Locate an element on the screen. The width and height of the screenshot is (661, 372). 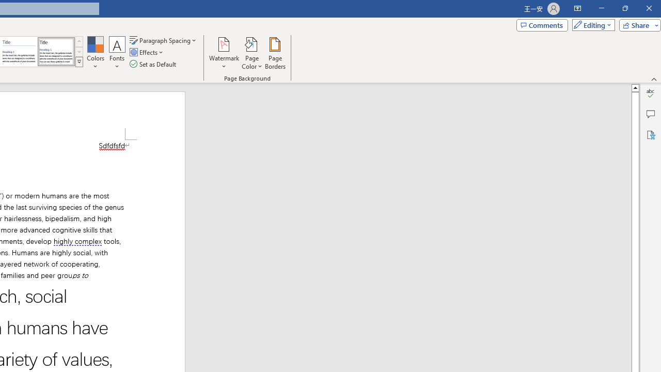
'Fonts' is located at coordinates (117, 53).